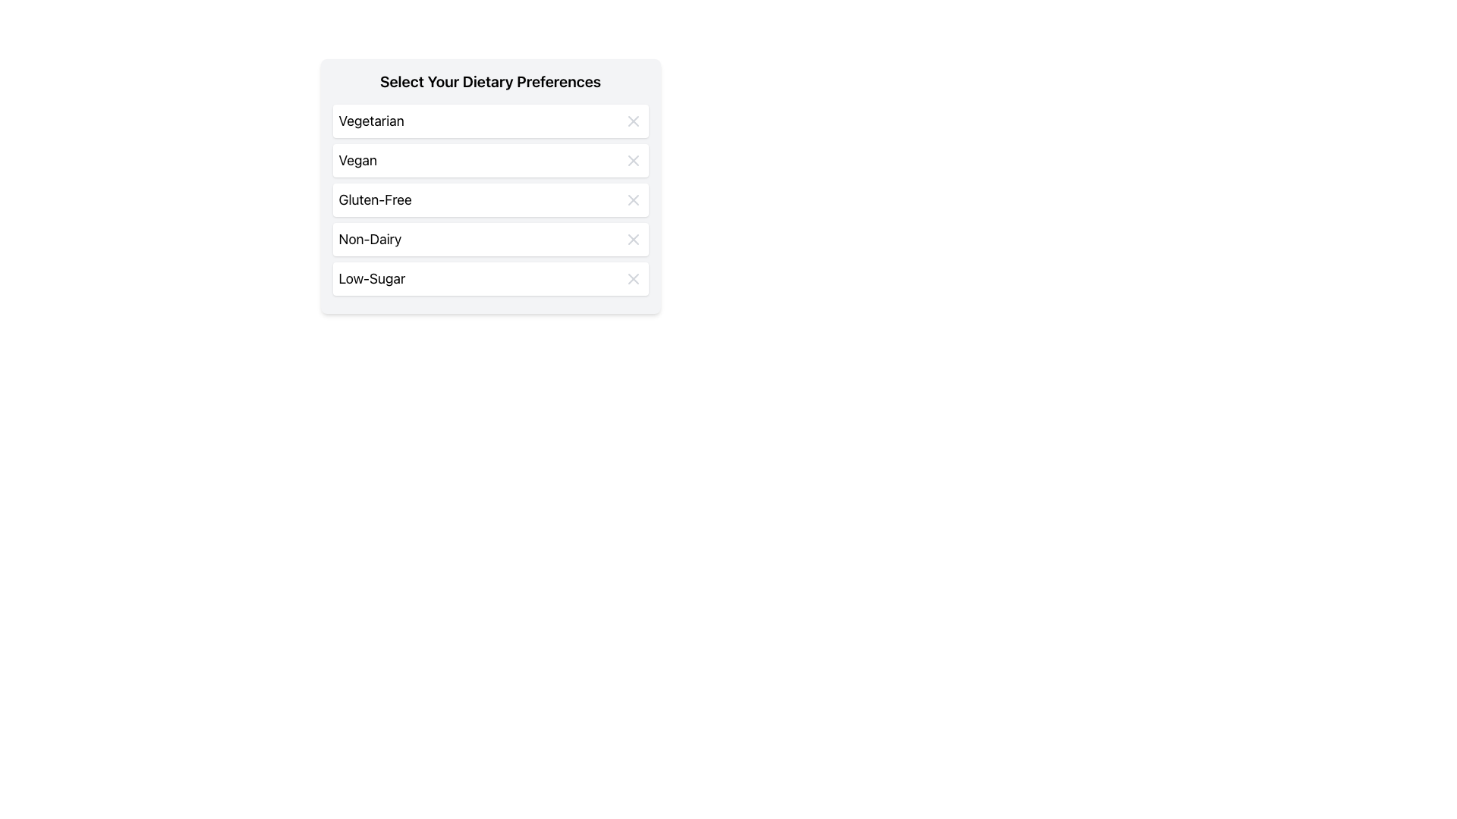  I want to click on more details about the selectable dietary preference labeled 'Low-Sugar', which is the last item in the interactive list of dietary preferences, so click(490, 278).